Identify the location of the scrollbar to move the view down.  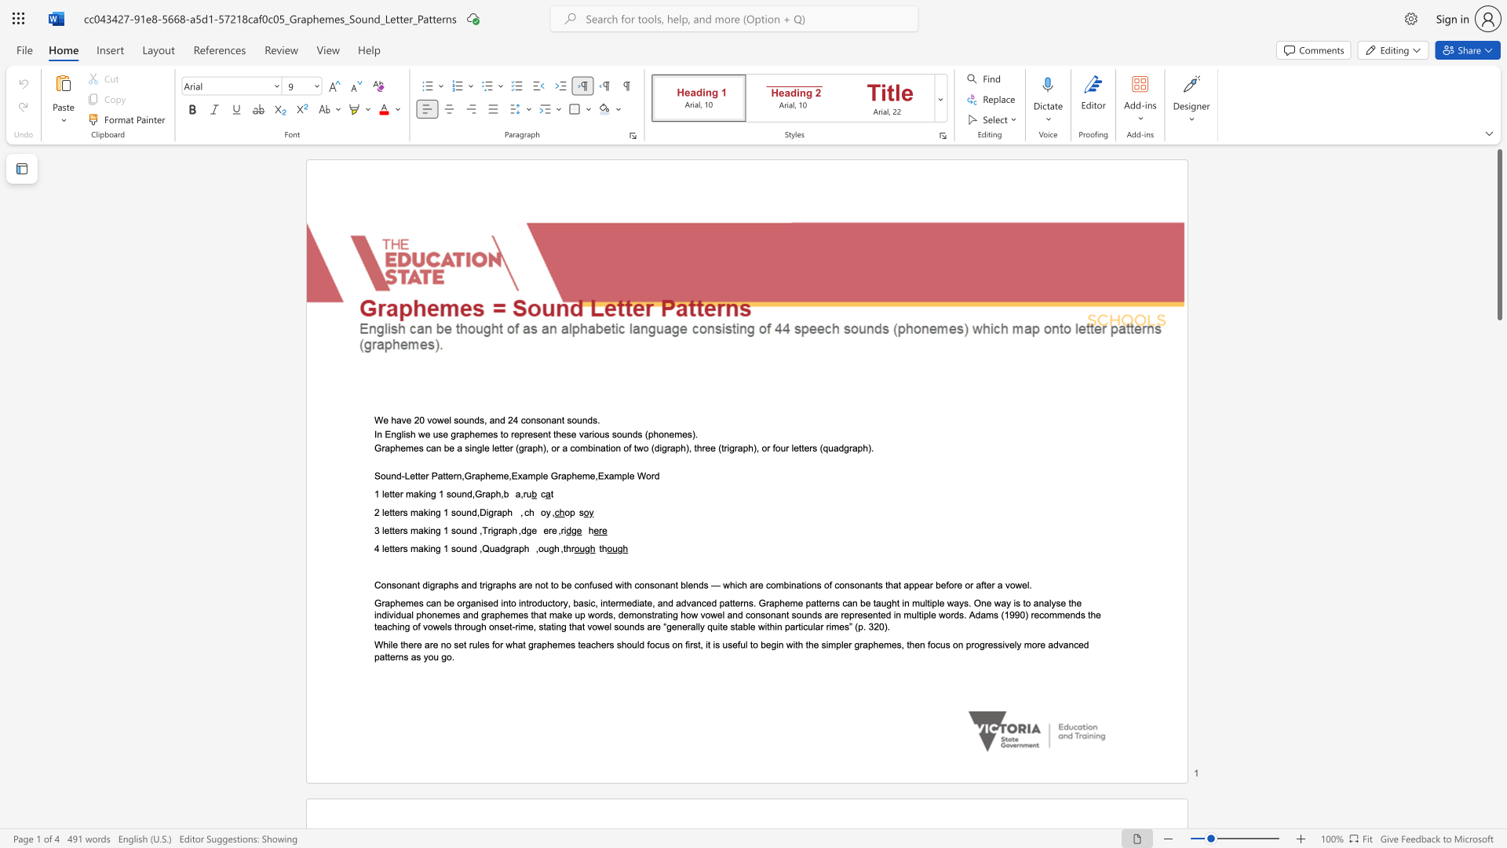
(1498, 596).